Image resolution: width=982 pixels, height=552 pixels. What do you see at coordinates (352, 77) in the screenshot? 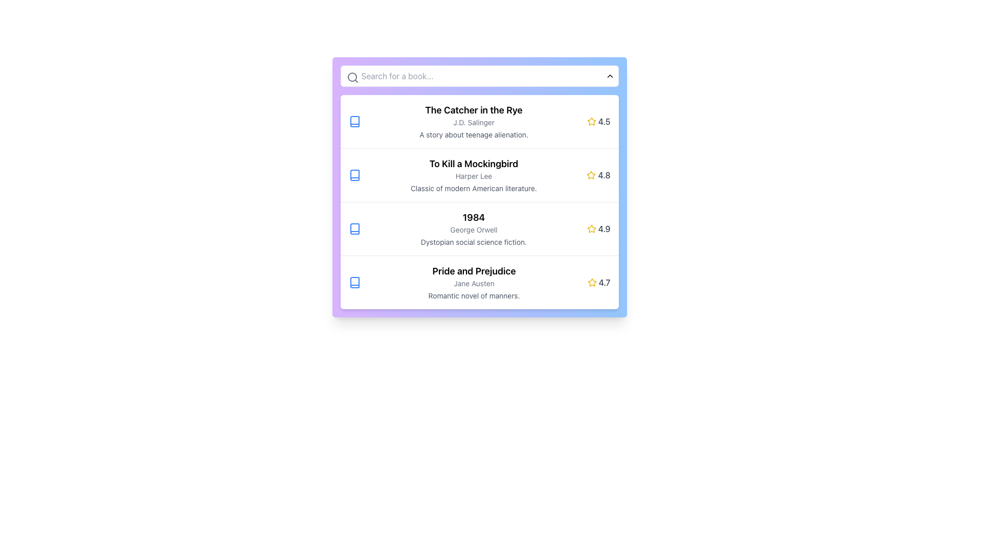
I see `the search icon located at the top-left corner inside the search bar to focus the search bar` at bounding box center [352, 77].